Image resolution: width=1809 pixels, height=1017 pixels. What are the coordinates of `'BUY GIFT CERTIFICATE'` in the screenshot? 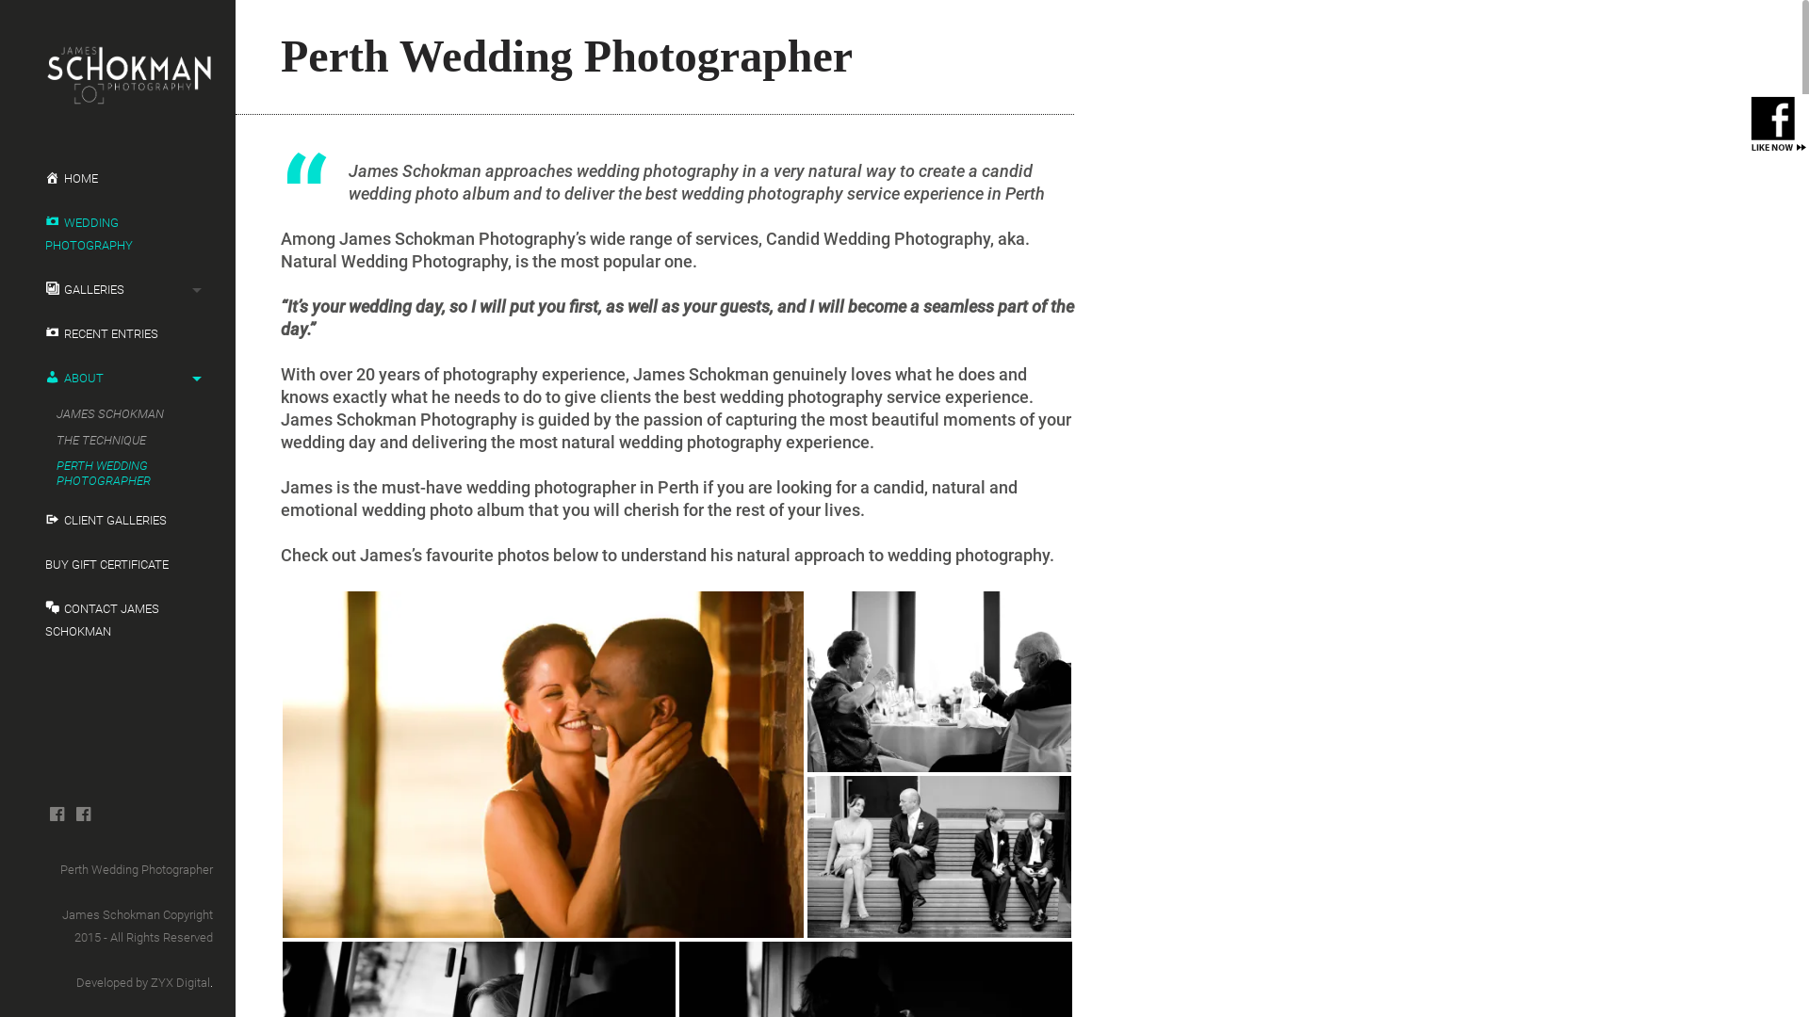 It's located at (23, 564).